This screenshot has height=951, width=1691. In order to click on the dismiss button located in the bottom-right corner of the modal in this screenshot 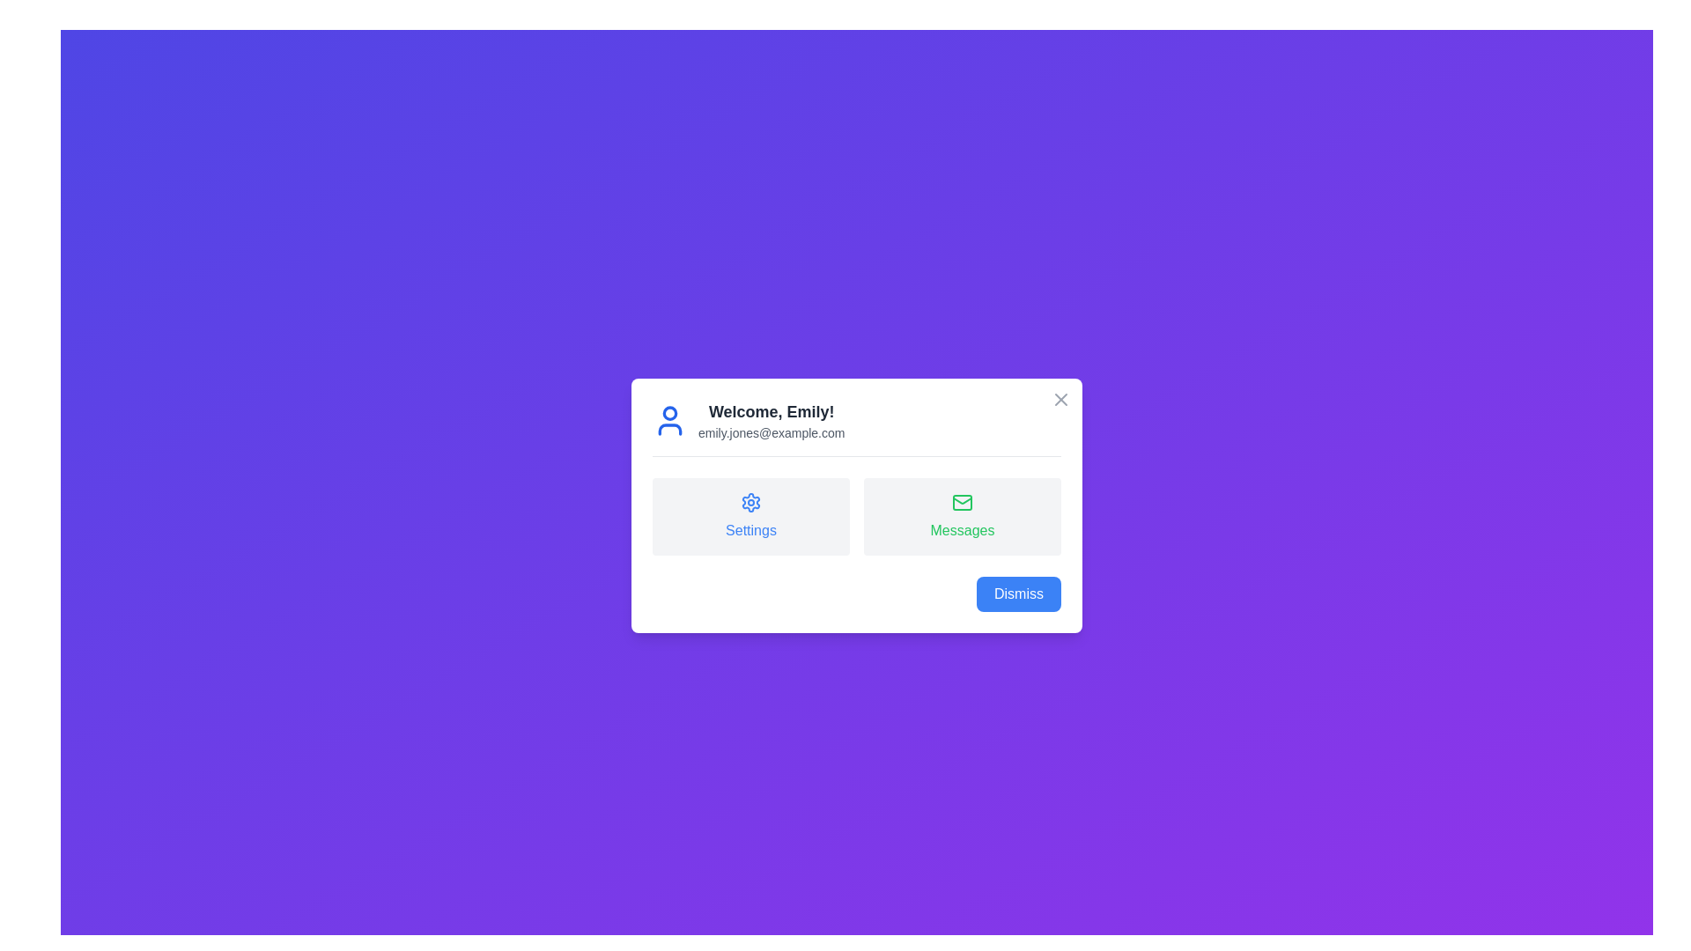, I will do `click(1018, 593)`.